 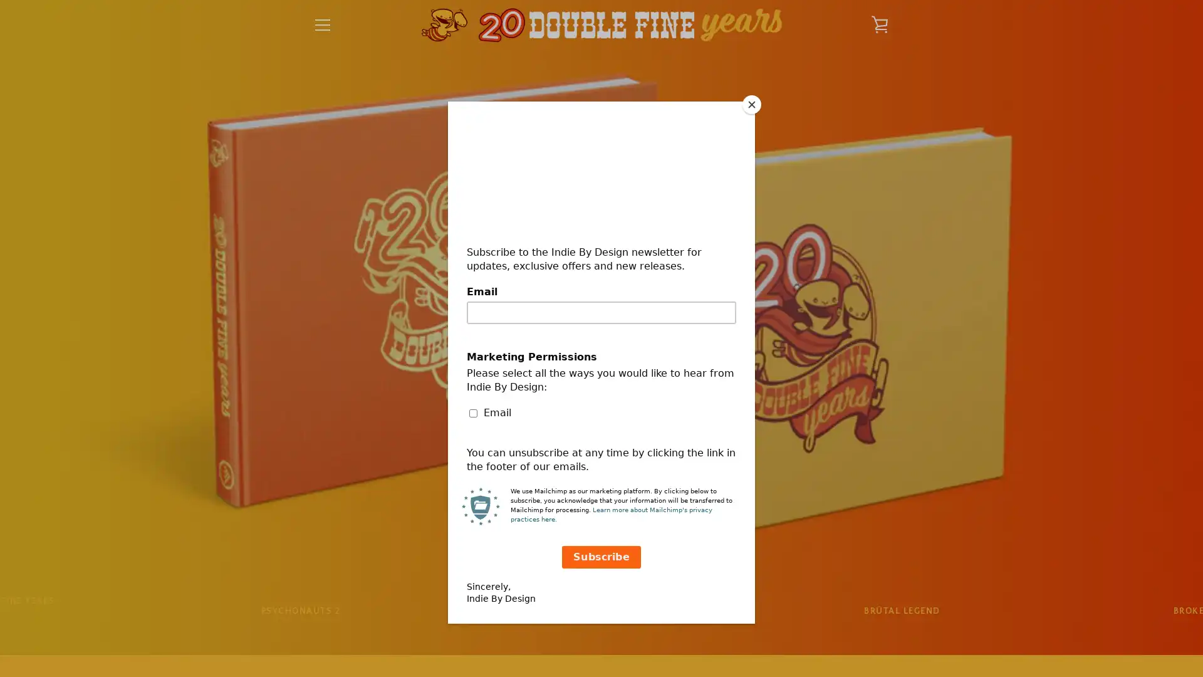 I want to click on MENU, so click(x=322, y=24).